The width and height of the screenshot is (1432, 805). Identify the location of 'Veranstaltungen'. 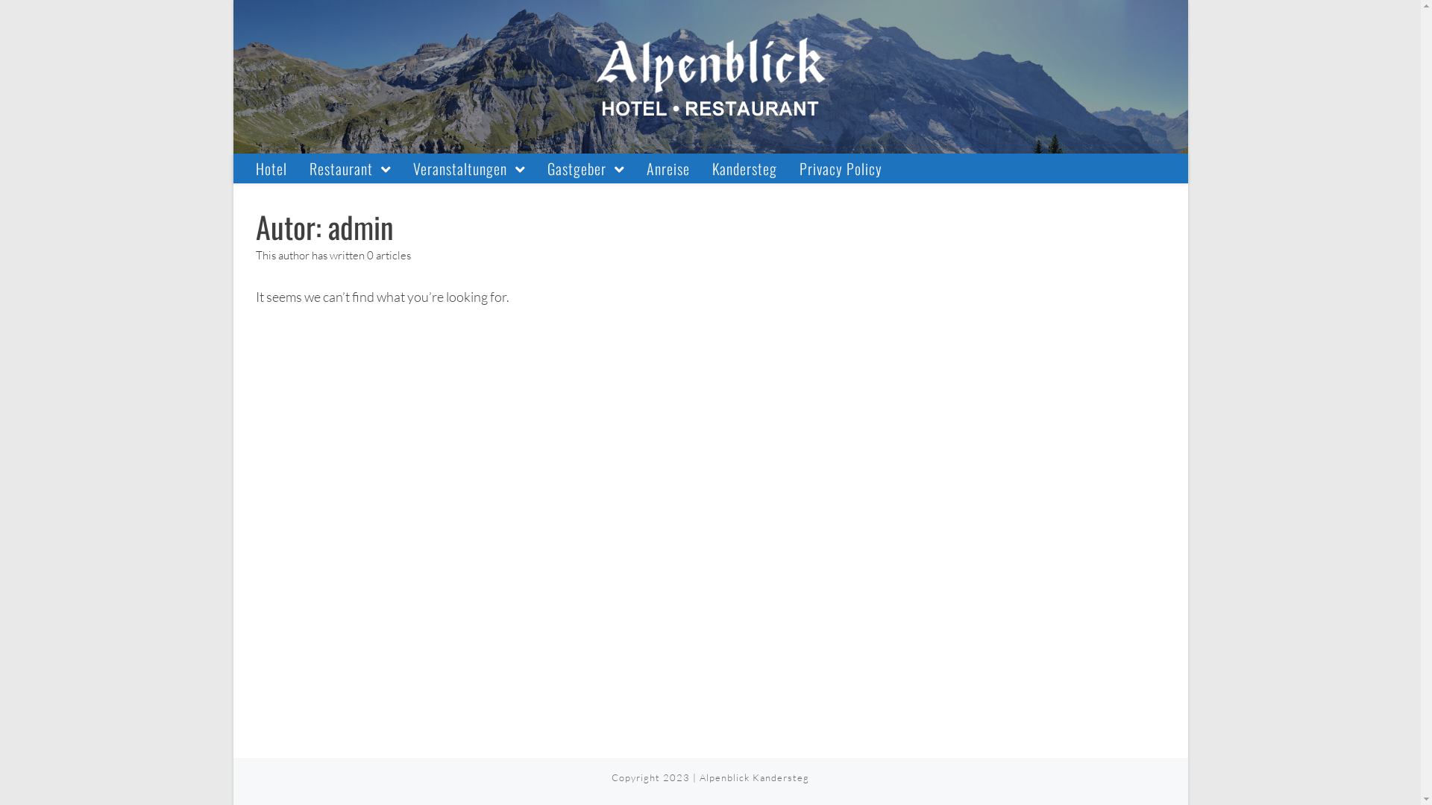
(468, 168).